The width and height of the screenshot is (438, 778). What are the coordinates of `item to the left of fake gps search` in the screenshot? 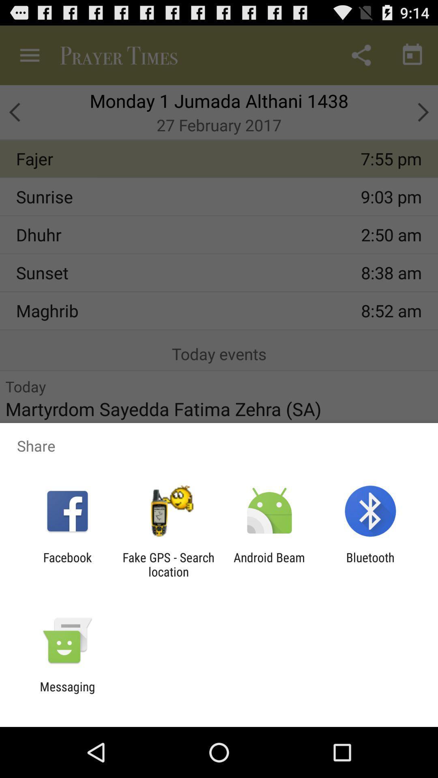 It's located at (67, 564).